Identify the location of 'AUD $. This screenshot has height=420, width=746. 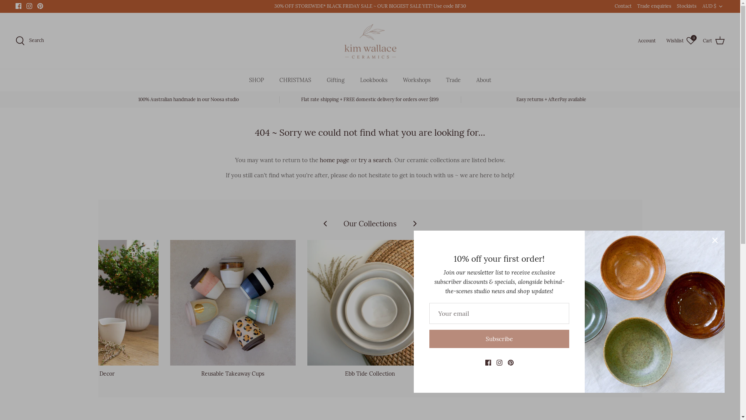
(702, 6).